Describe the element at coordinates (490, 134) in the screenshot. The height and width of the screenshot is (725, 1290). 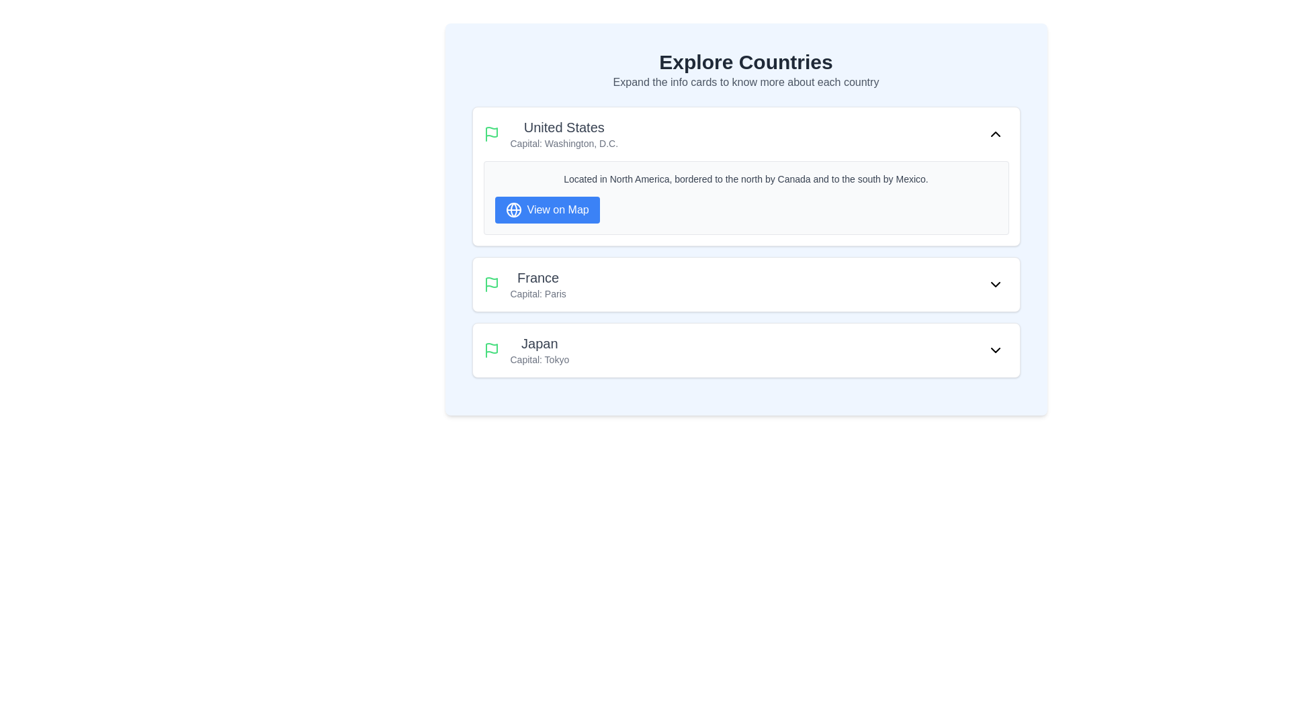
I see `the visual icon representing the entry for the country 'United States', located in the top-left section of its card, adjacent to the title` at that location.